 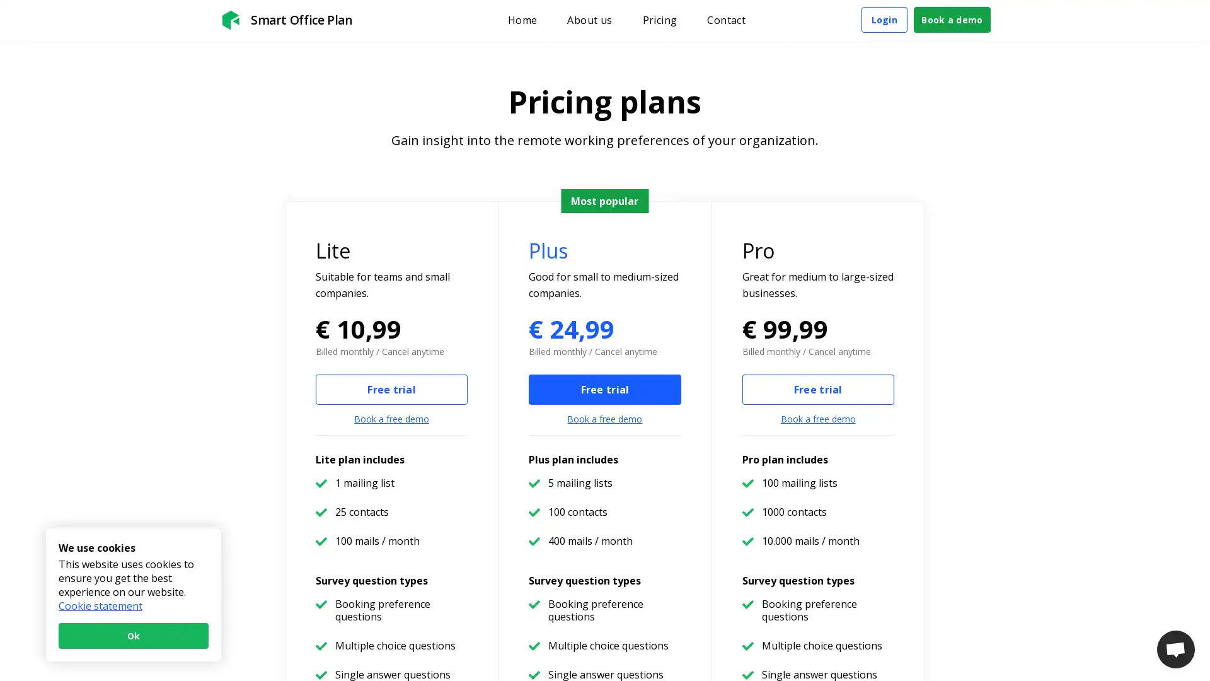 I want to click on Free trial, so click(x=817, y=388).